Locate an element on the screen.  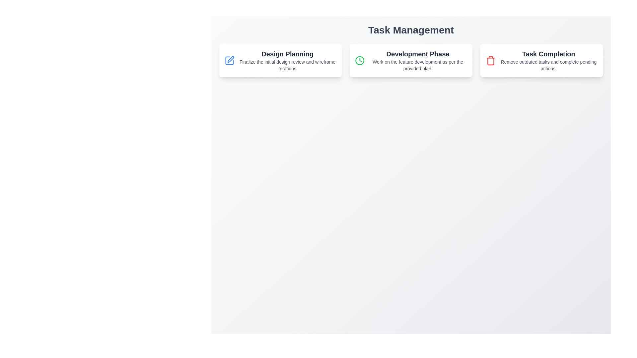
the 'Edit' or 'Modify' icon associated with the 'Design Planning' task located at the top left of the 'Design Planning' card is located at coordinates (229, 60).